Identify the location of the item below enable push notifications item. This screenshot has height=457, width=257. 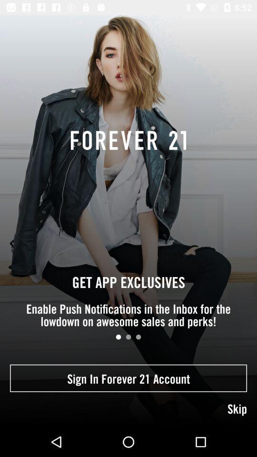
(128, 337).